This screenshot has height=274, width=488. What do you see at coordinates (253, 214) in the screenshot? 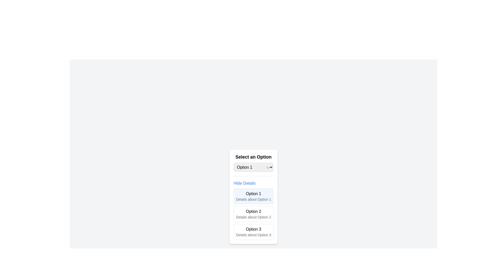
I see `the selectable option item titled 'Option 2', which is the second item in a vertical list of options, to activate it` at bounding box center [253, 214].